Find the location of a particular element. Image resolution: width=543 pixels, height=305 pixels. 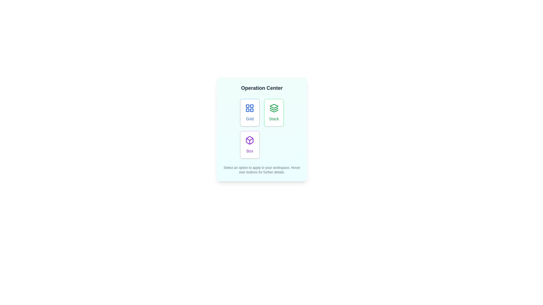

the bottom-left square tile of the 2x2 grid within the 'Grid' icon located in the upper-left corner of the 'Operation Center' section is located at coordinates (248, 110).